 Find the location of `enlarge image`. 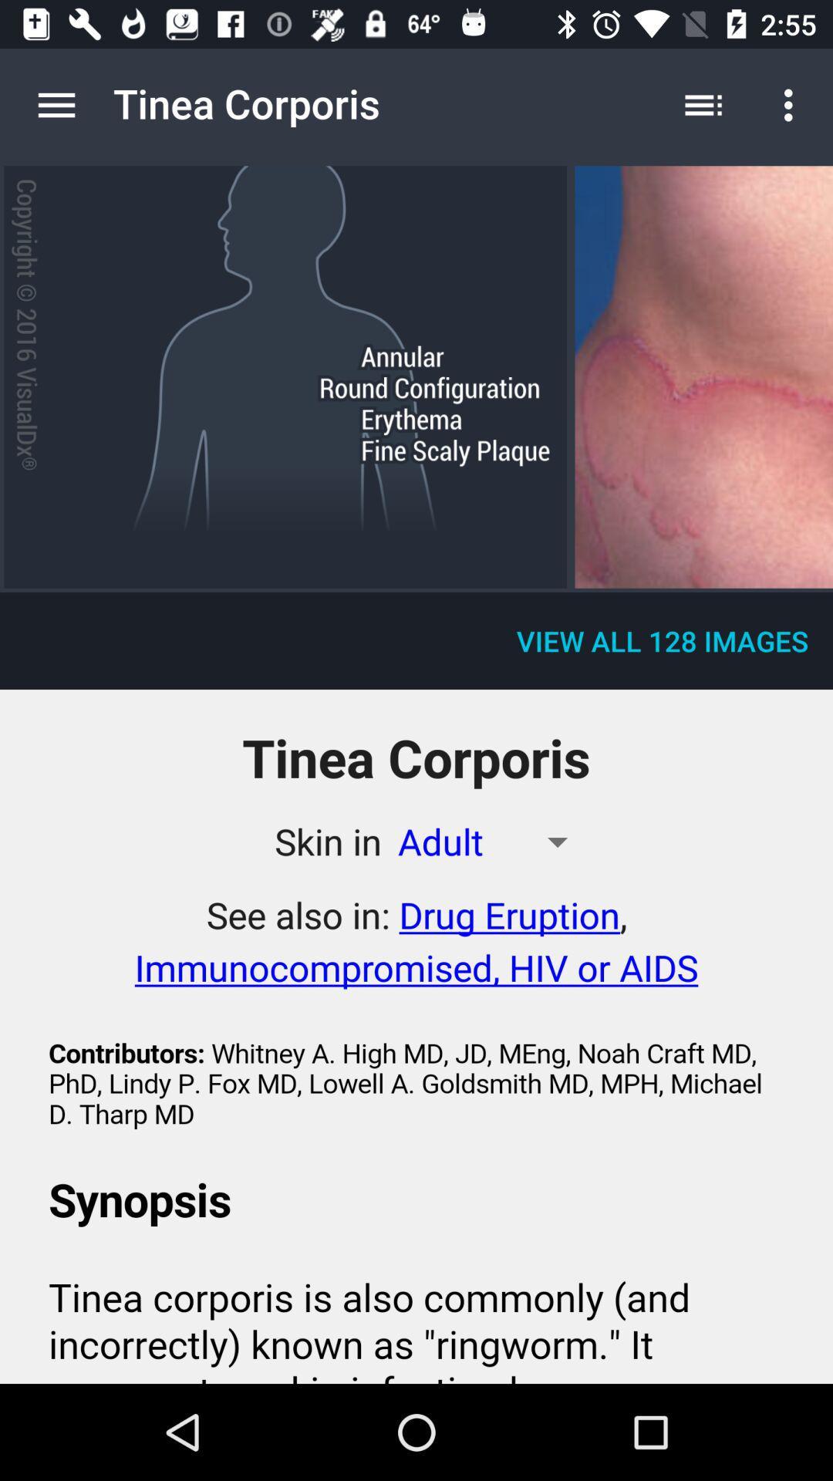

enlarge image is located at coordinates (703, 377).